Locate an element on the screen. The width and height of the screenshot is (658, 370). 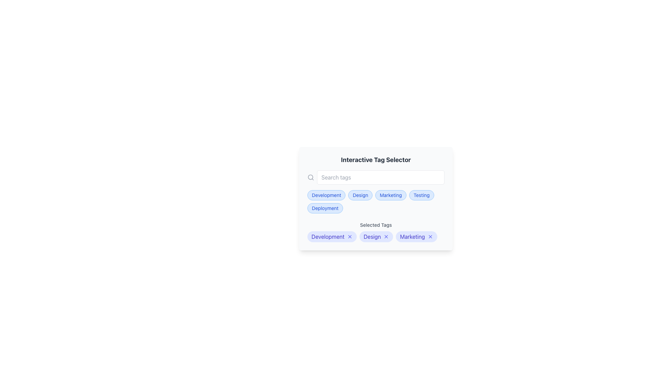
the 'Selected Tags' text label, which is a small-sized, muted gray text label positioned above the selected tag items is located at coordinates (376, 225).